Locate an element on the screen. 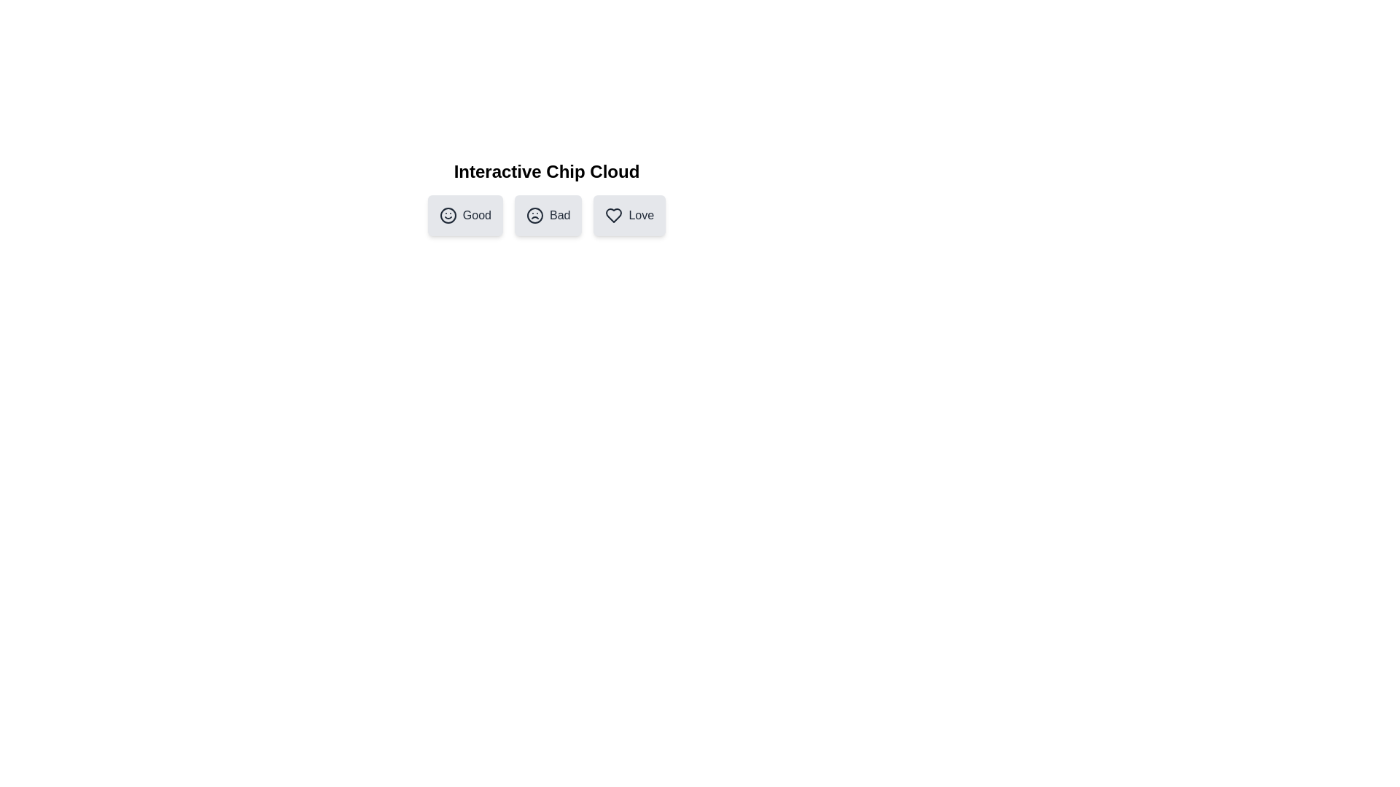 The height and width of the screenshot is (787, 1400). the chip labeled Love to observe hover effects is located at coordinates (629, 216).